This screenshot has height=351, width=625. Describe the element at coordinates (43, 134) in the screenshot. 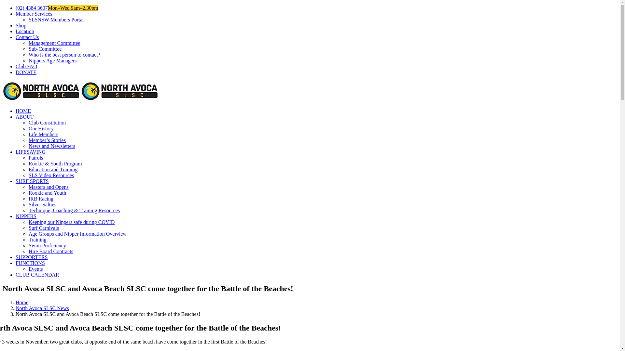

I see `'Life Members'` at that location.